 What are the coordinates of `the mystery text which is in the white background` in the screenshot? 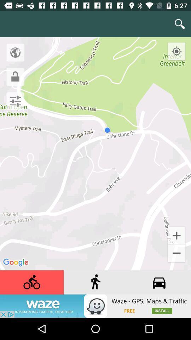 It's located at (14, 133).